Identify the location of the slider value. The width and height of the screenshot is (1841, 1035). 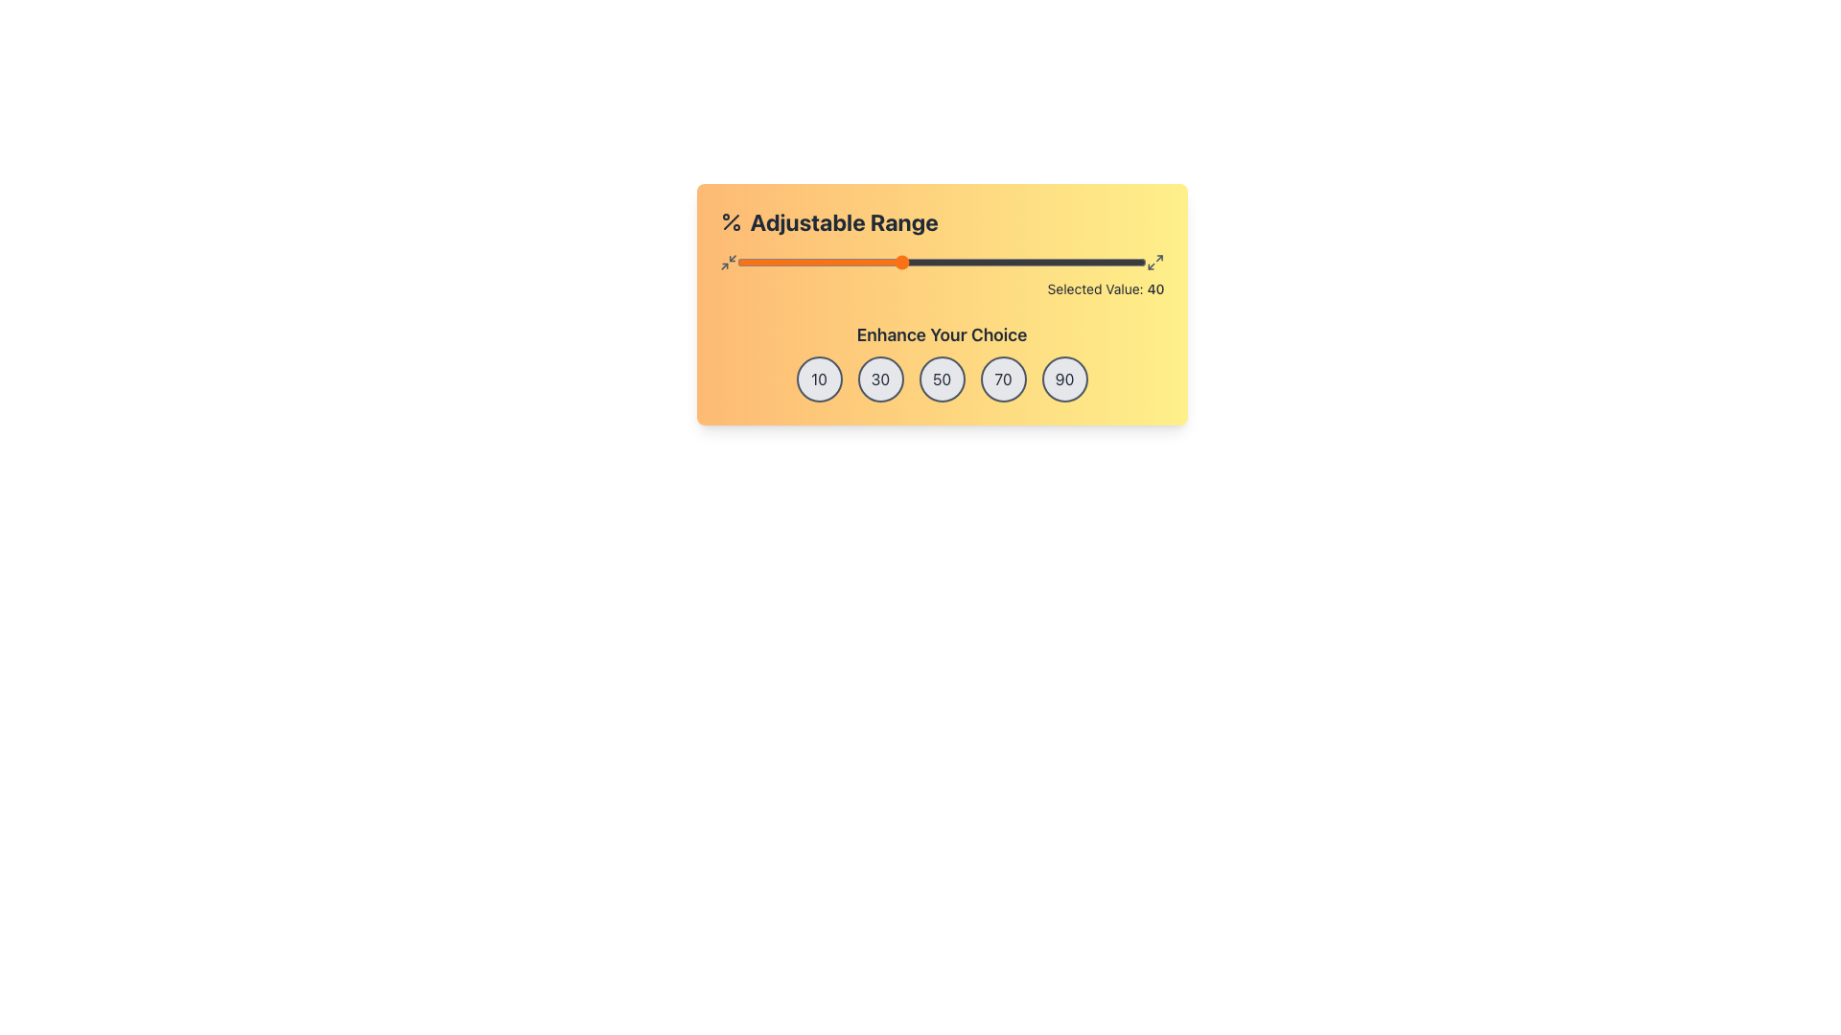
(921, 262).